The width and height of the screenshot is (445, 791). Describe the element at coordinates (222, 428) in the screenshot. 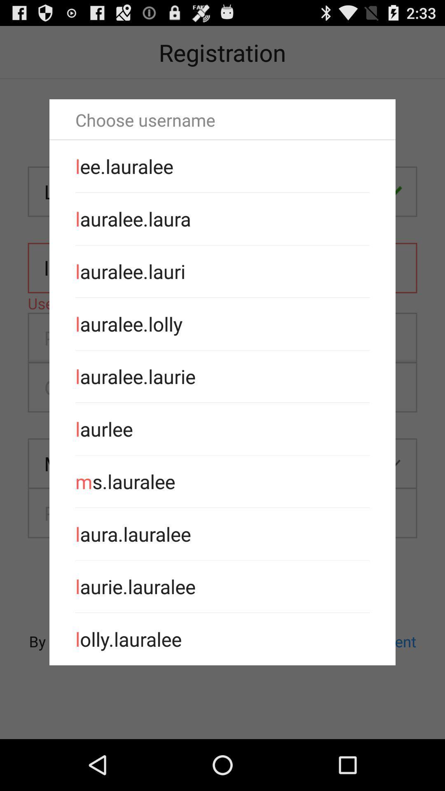

I see `the app below lauralee.laurie icon` at that location.